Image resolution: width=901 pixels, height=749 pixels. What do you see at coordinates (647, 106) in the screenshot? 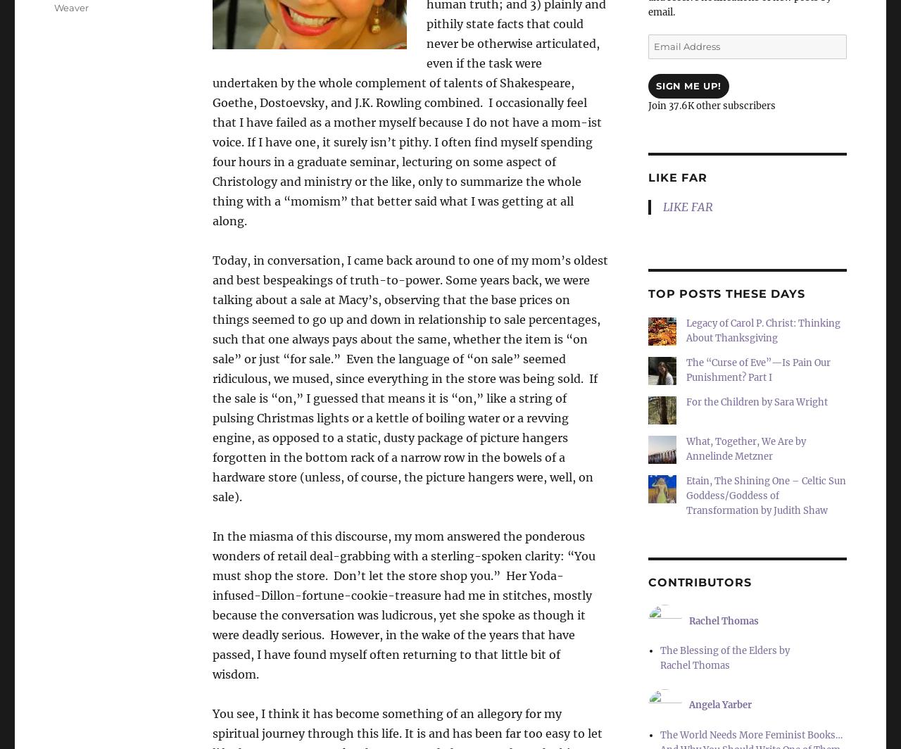
I see `'Join 37.6K other subscribers'` at bounding box center [647, 106].